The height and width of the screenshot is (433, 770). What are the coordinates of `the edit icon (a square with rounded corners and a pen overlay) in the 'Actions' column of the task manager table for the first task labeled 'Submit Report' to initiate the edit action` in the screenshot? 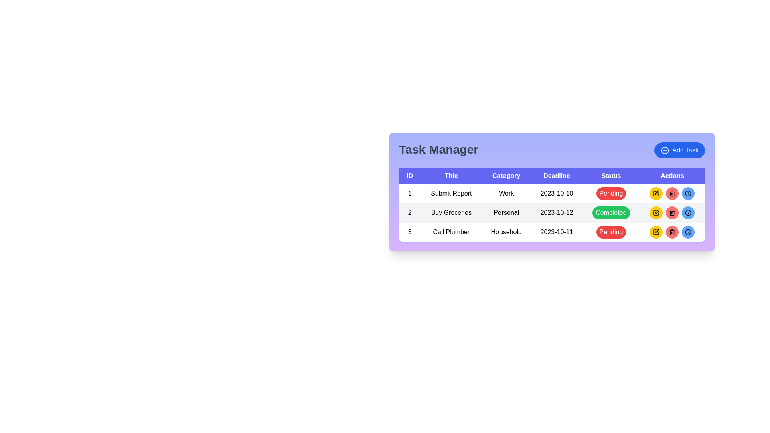 It's located at (656, 212).